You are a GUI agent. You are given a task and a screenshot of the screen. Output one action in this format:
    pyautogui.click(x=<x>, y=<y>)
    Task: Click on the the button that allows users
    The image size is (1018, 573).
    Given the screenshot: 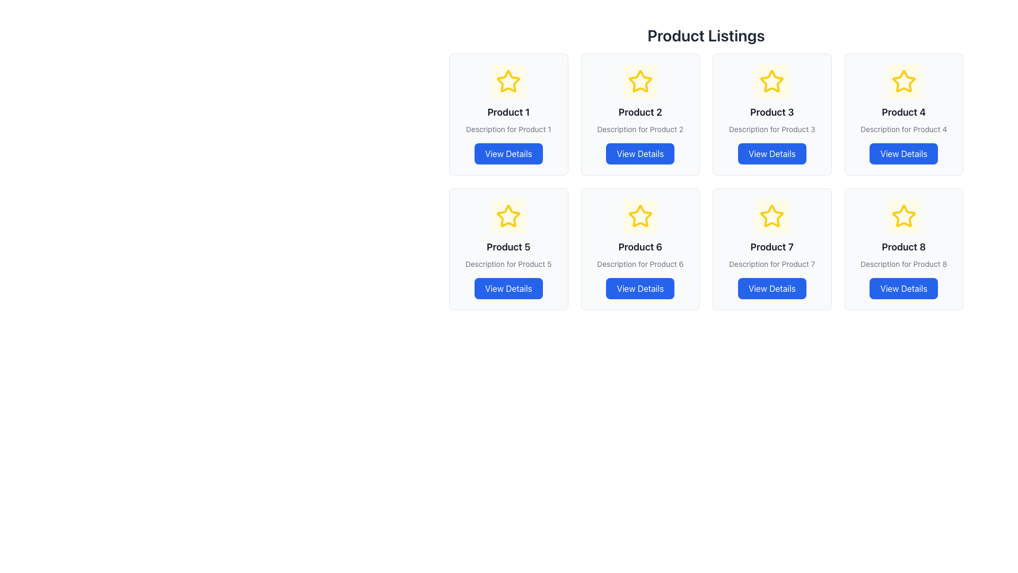 What is the action you would take?
    pyautogui.click(x=903, y=288)
    